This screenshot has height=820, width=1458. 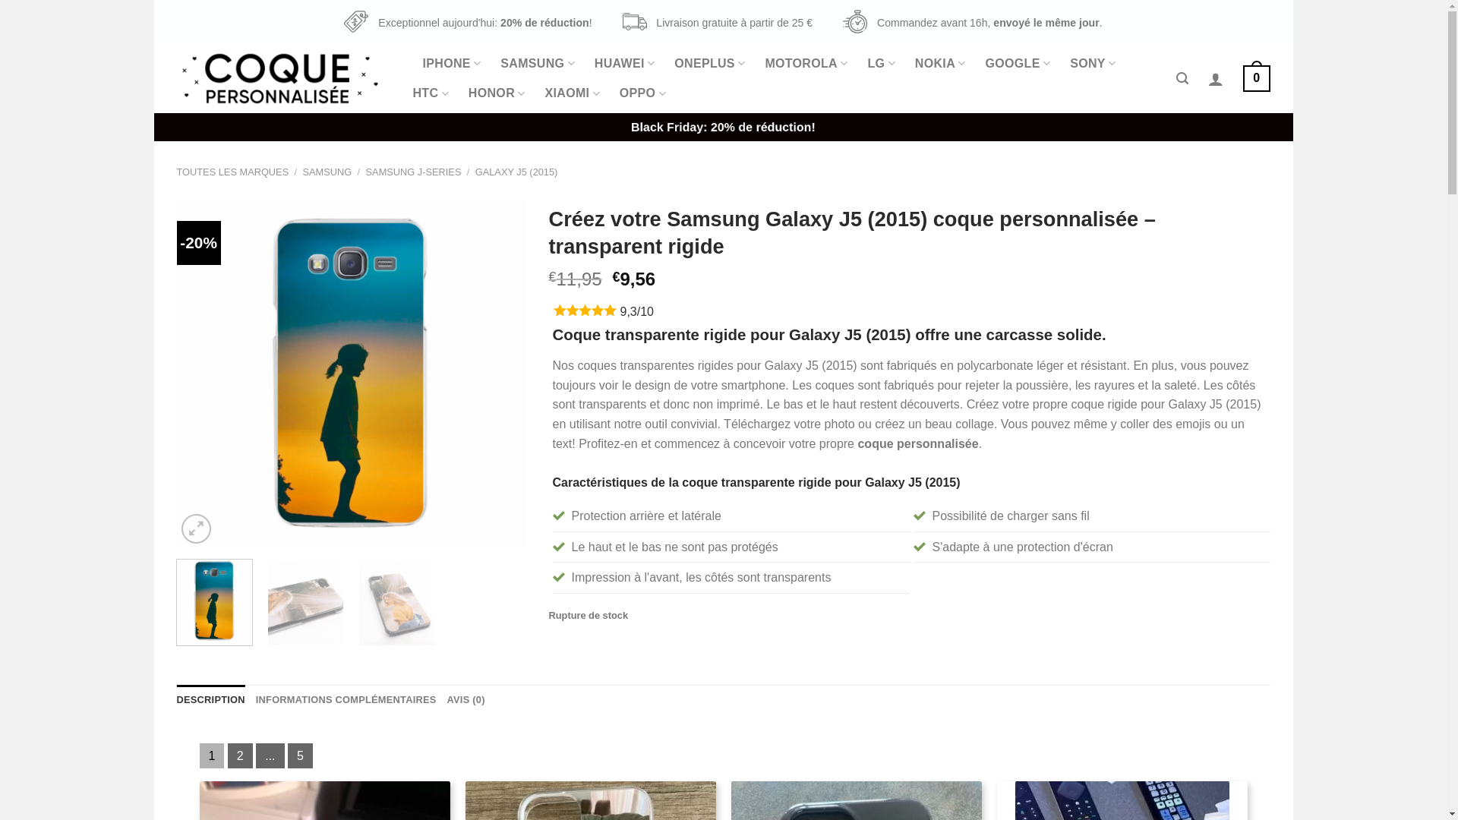 What do you see at coordinates (288, 755) in the screenshot?
I see `'5'` at bounding box center [288, 755].